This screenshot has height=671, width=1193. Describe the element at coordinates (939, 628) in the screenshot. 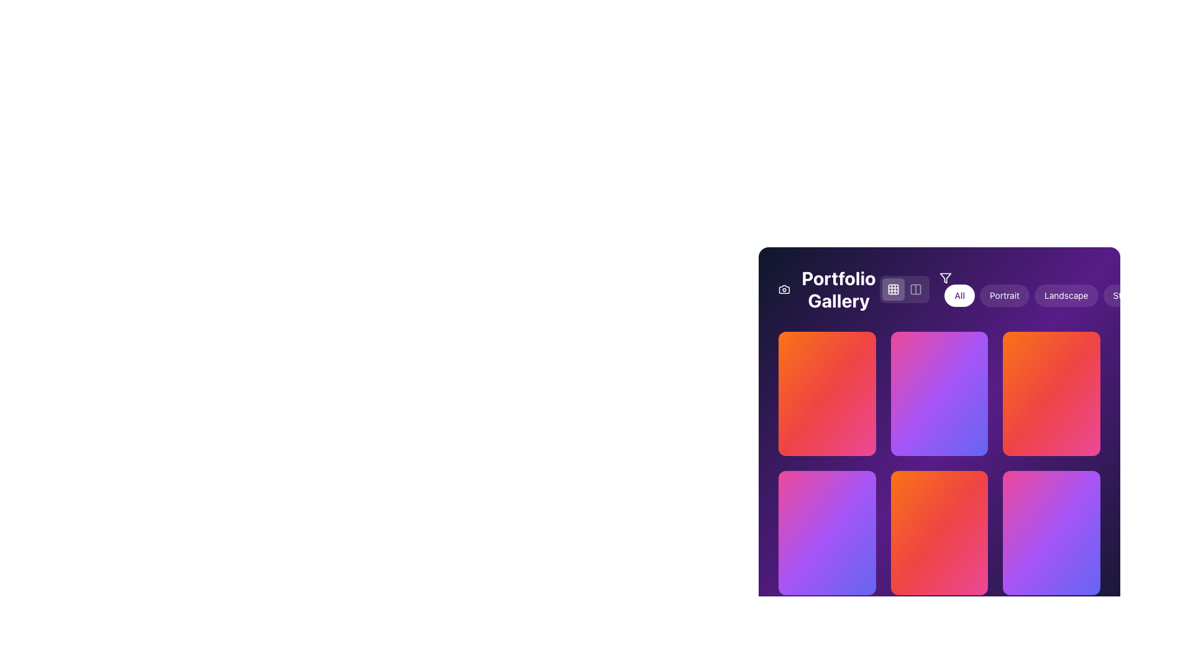

I see `the pagination navigation control located at the bottom center of the gallery` at that location.